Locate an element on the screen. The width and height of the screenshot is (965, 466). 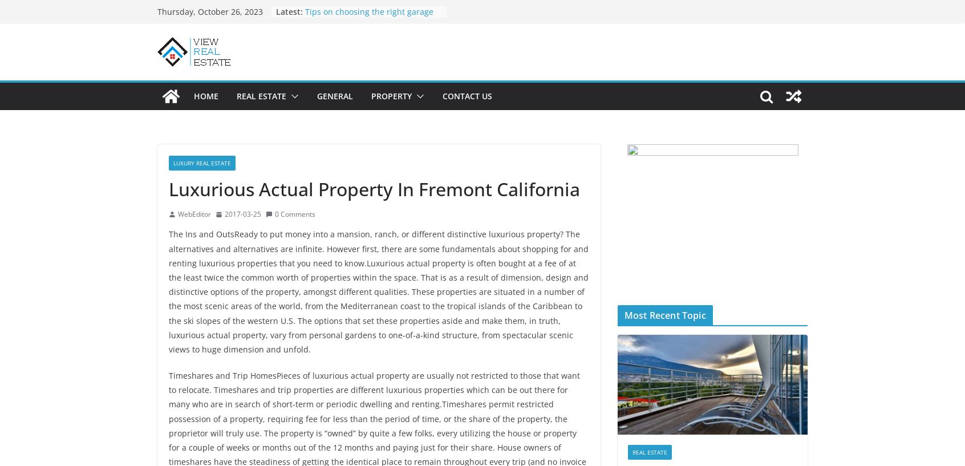
'2017-03-25' is located at coordinates (242, 213).